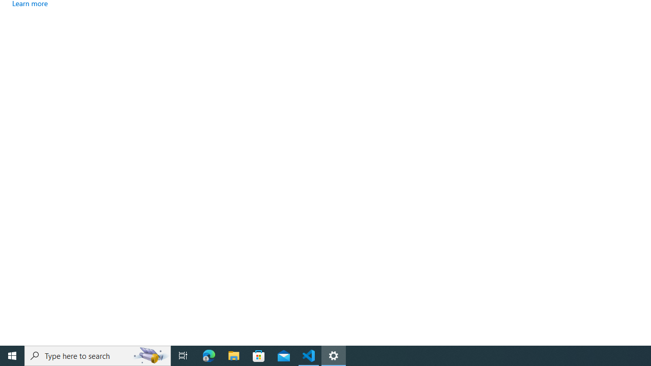 This screenshot has height=366, width=651. Describe the element at coordinates (12, 355) in the screenshot. I see `'Start'` at that location.